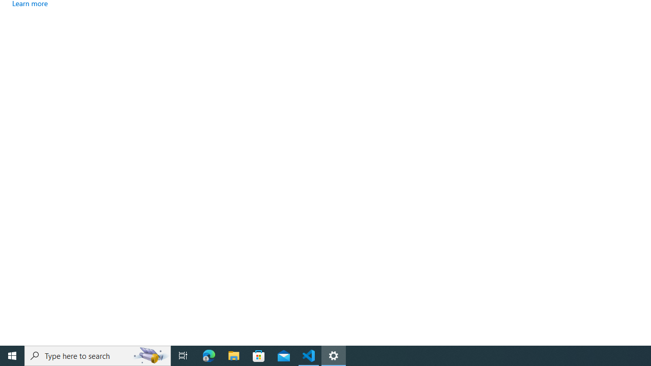 This screenshot has height=366, width=651. Describe the element at coordinates (12, 355) in the screenshot. I see `'Start'` at that location.